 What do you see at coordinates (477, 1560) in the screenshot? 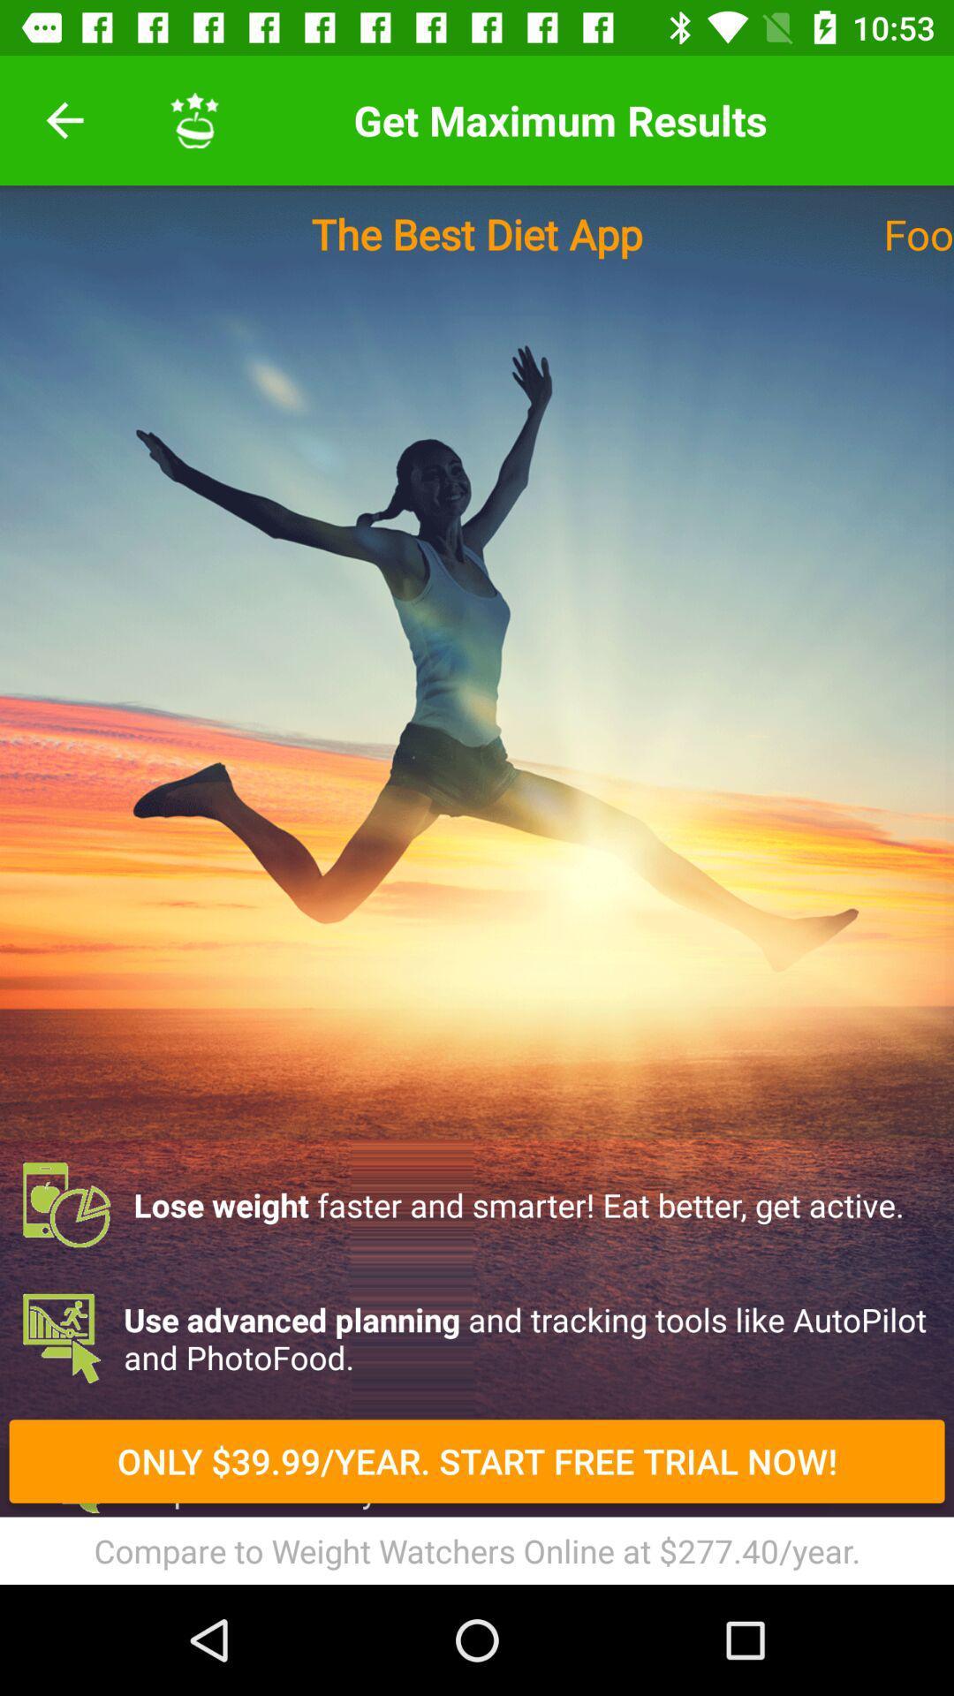
I see `link your diary icon` at bounding box center [477, 1560].